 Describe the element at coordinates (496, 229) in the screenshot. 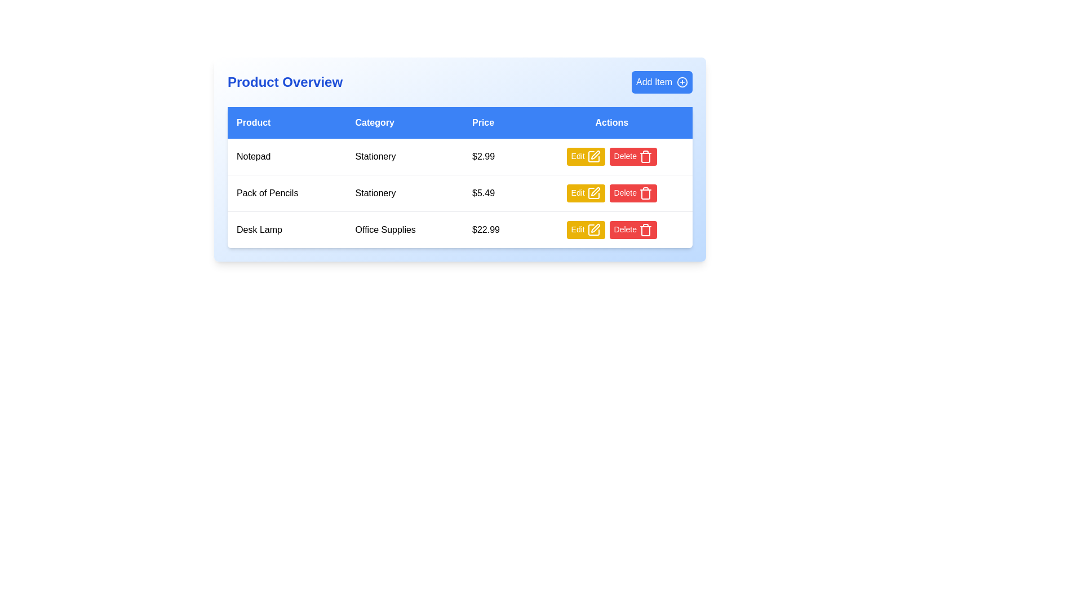

I see `the price text displaying the cost of the 'Desk Lamp' item located in the third row of the table, adjacent to 'Office Supplies' on the left and 'Edit' and 'Delete' buttons on the right` at that location.